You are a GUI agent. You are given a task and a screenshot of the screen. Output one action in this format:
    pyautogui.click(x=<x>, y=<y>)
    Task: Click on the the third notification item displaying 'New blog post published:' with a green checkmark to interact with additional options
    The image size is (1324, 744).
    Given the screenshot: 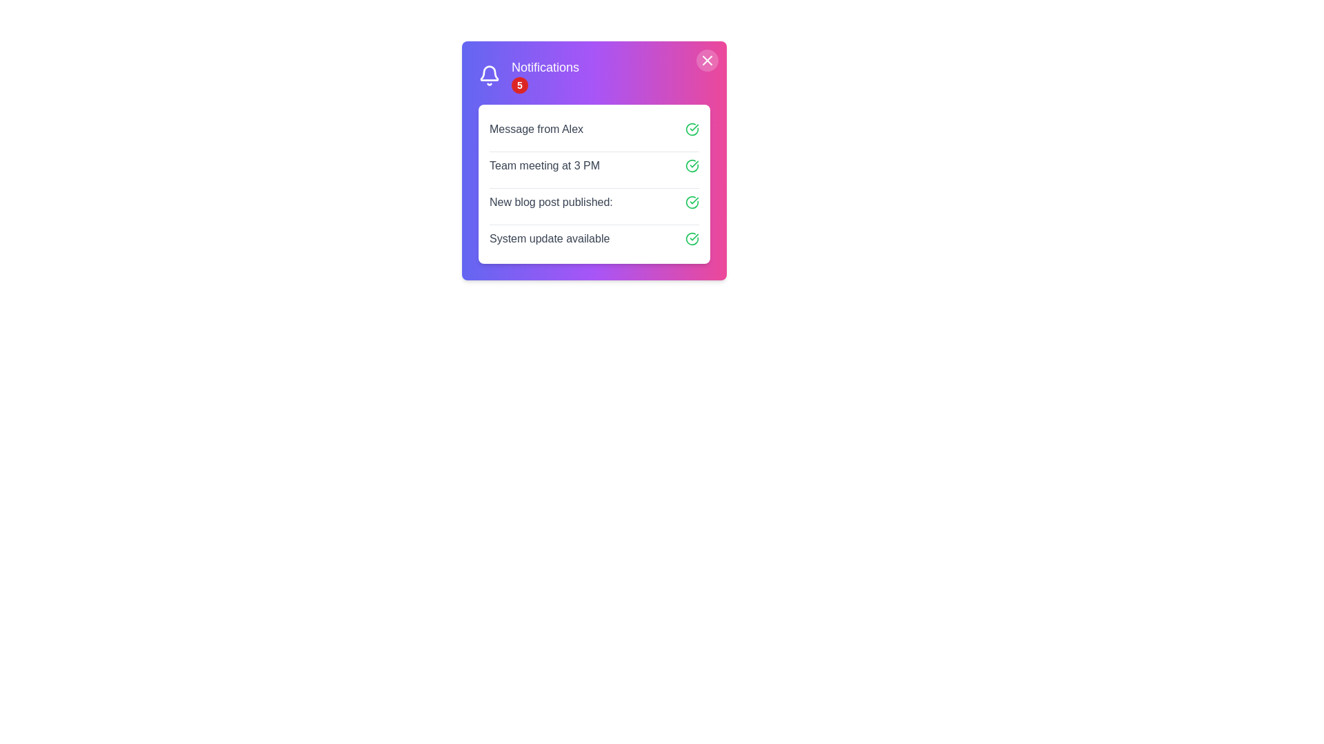 What is the action you would take?
    pyautogui.click(x=594, y=183)
    